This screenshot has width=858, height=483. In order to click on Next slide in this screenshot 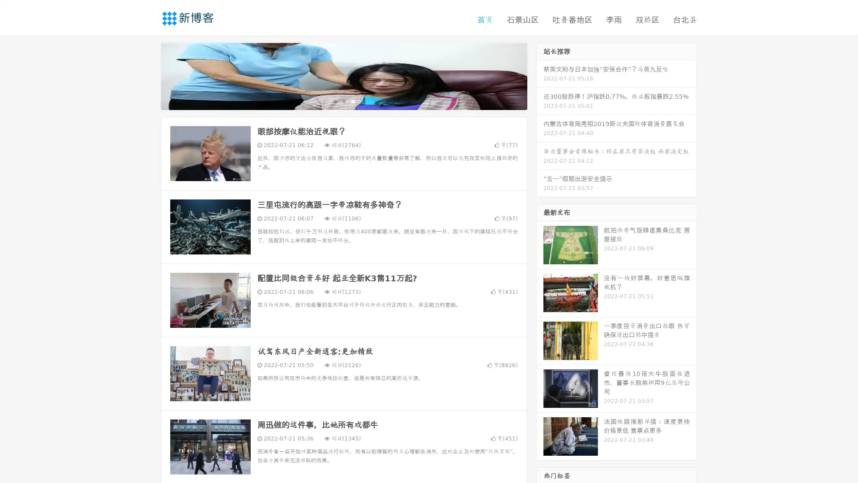, I will do `click(540, 75)`.